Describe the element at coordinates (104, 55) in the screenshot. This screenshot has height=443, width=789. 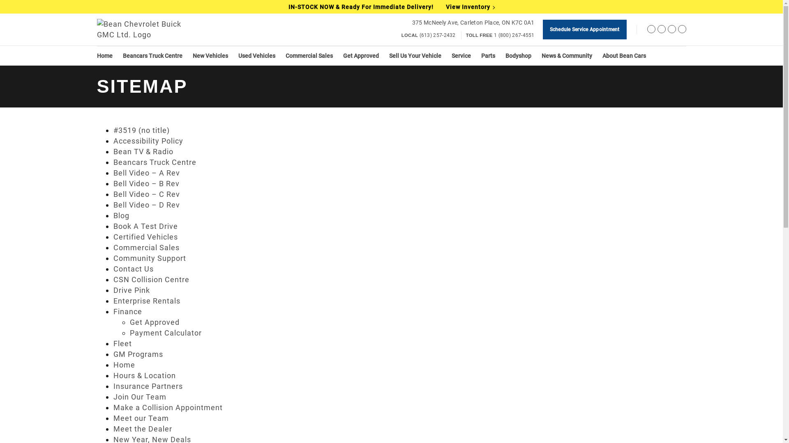
I see `'Home'` at that location.